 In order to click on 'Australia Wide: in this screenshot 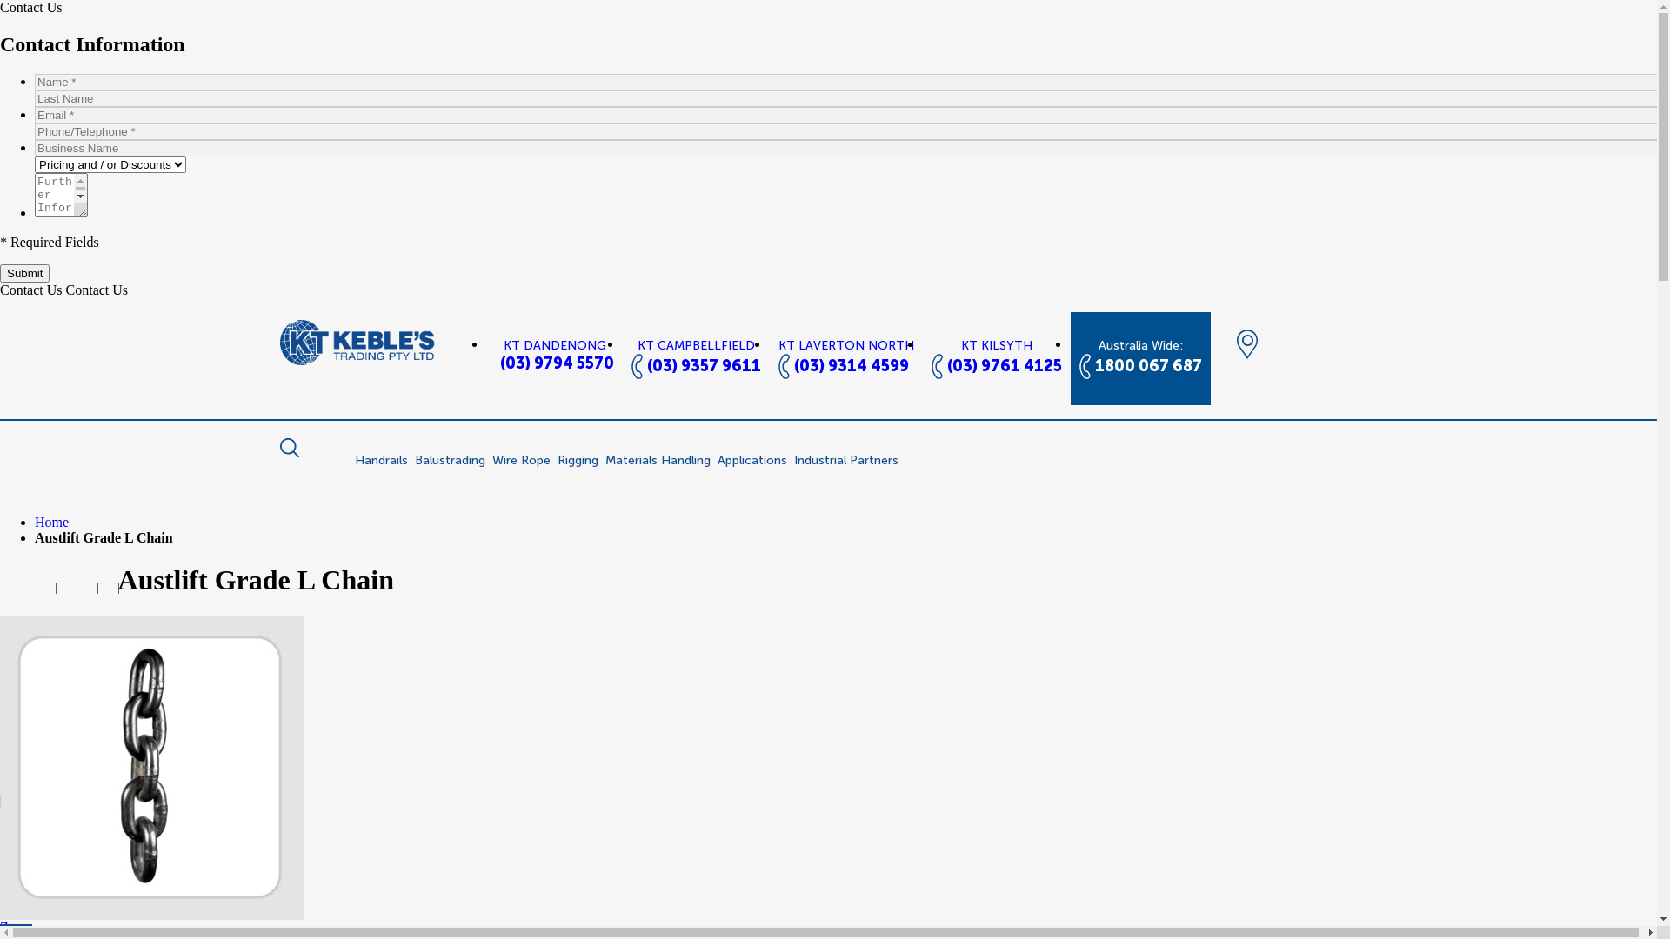, I will do `click(1139, 357)`.